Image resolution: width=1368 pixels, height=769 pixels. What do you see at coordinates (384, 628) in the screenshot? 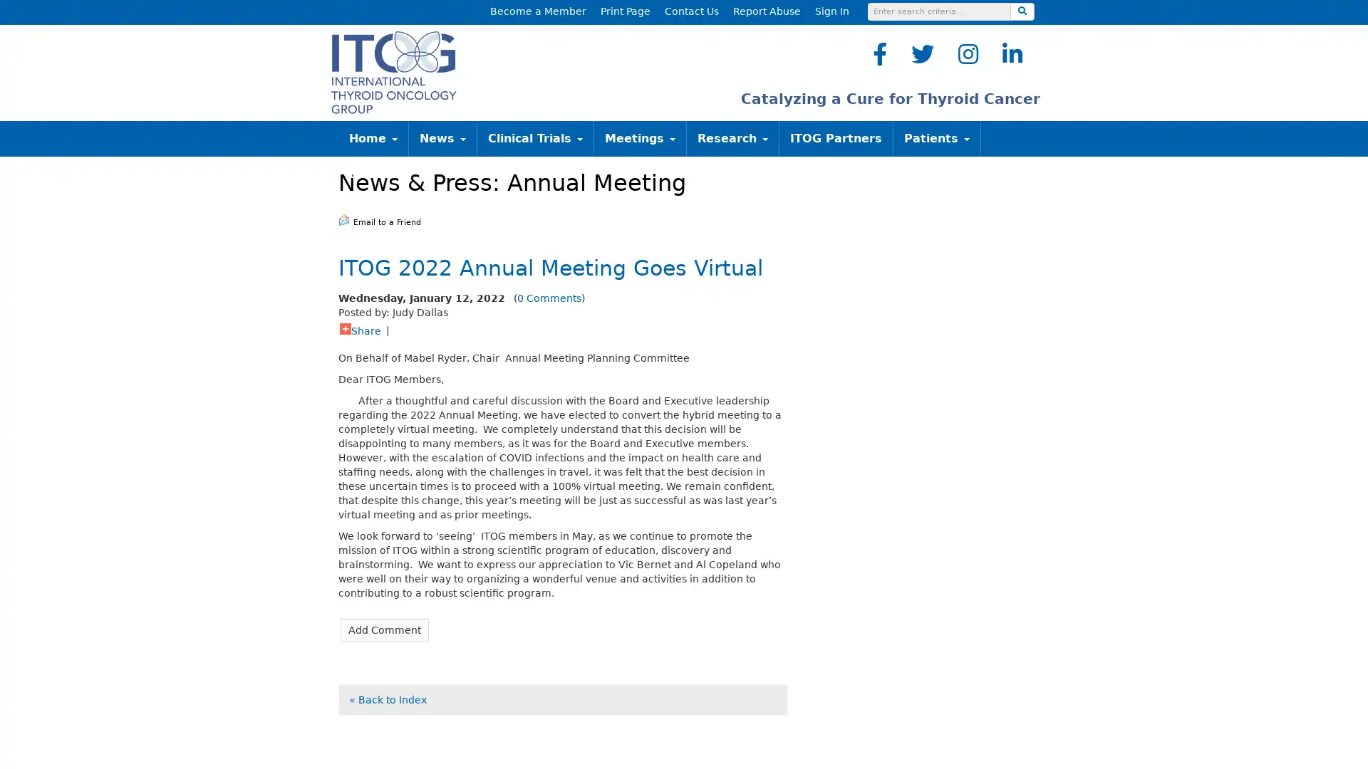
I see `Add Comment` at bounding box center [384, 628].